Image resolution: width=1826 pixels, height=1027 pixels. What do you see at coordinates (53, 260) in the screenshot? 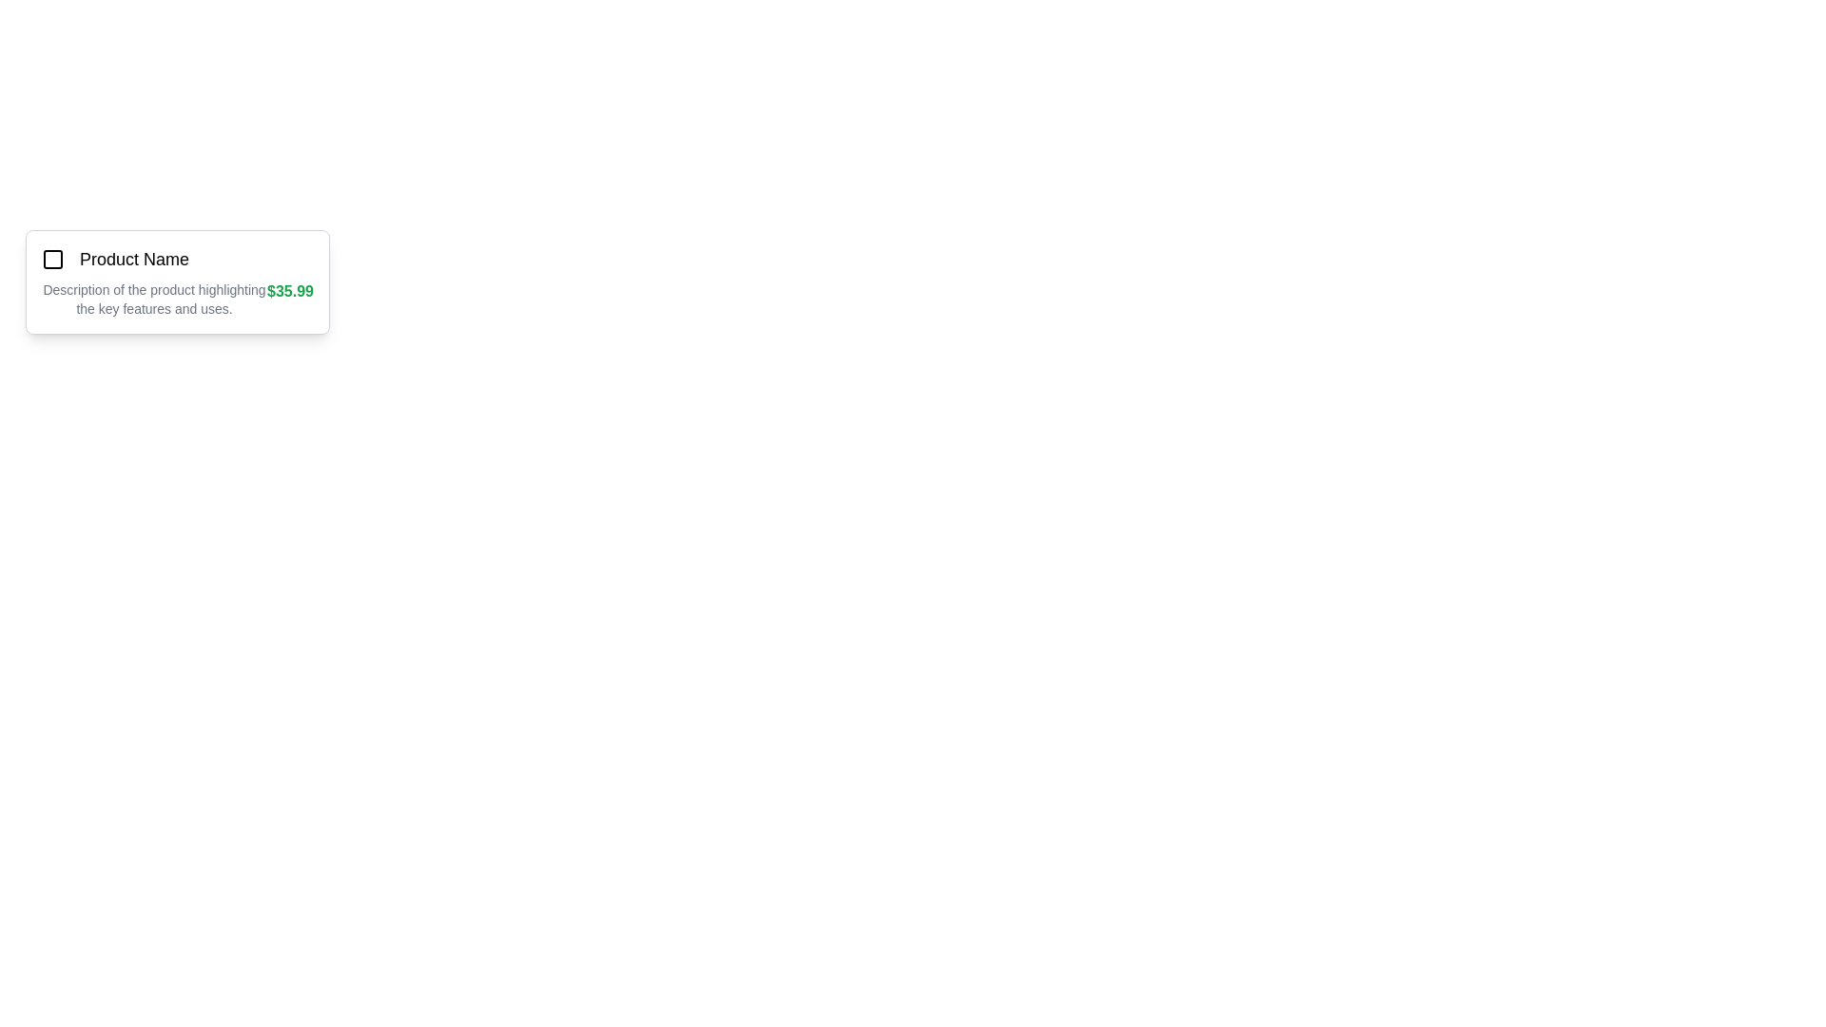
I see `the square-shaped icon with a black border and a hollow center, located to the left of the text 'Product Name'` at bounding box center [53, 260].